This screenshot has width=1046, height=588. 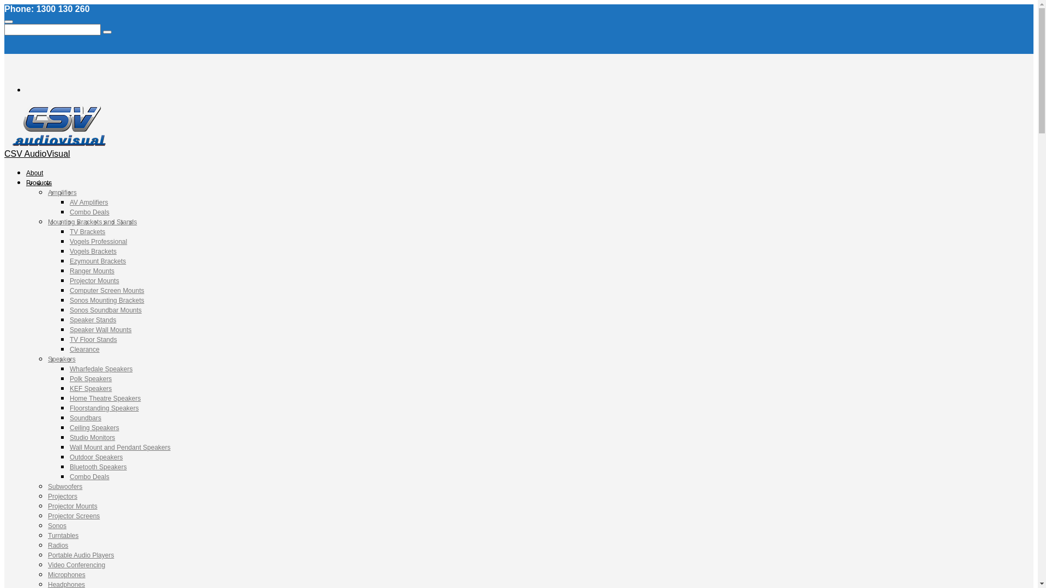 What do you see at coordinates (93, 339) in the screenshot?
I see `'TV Floor Stands'` at bounding box center [93, 339].